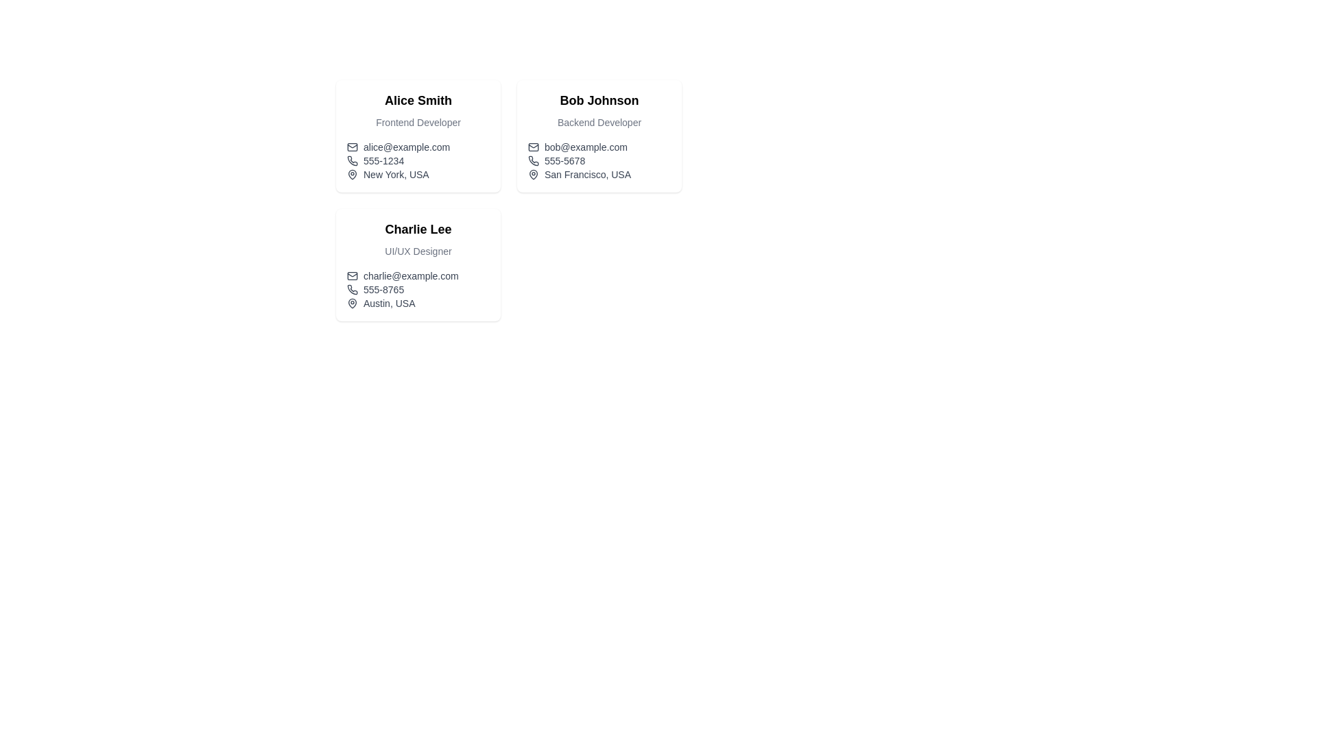 This screenshot has height=740, width=1317. Describe the element at coordinates (395, 173) in the screenshot. I see `the text label displaying 'New York, USA' which is located beneath the phone number entry in Alice Smith's contact information card` at that location.